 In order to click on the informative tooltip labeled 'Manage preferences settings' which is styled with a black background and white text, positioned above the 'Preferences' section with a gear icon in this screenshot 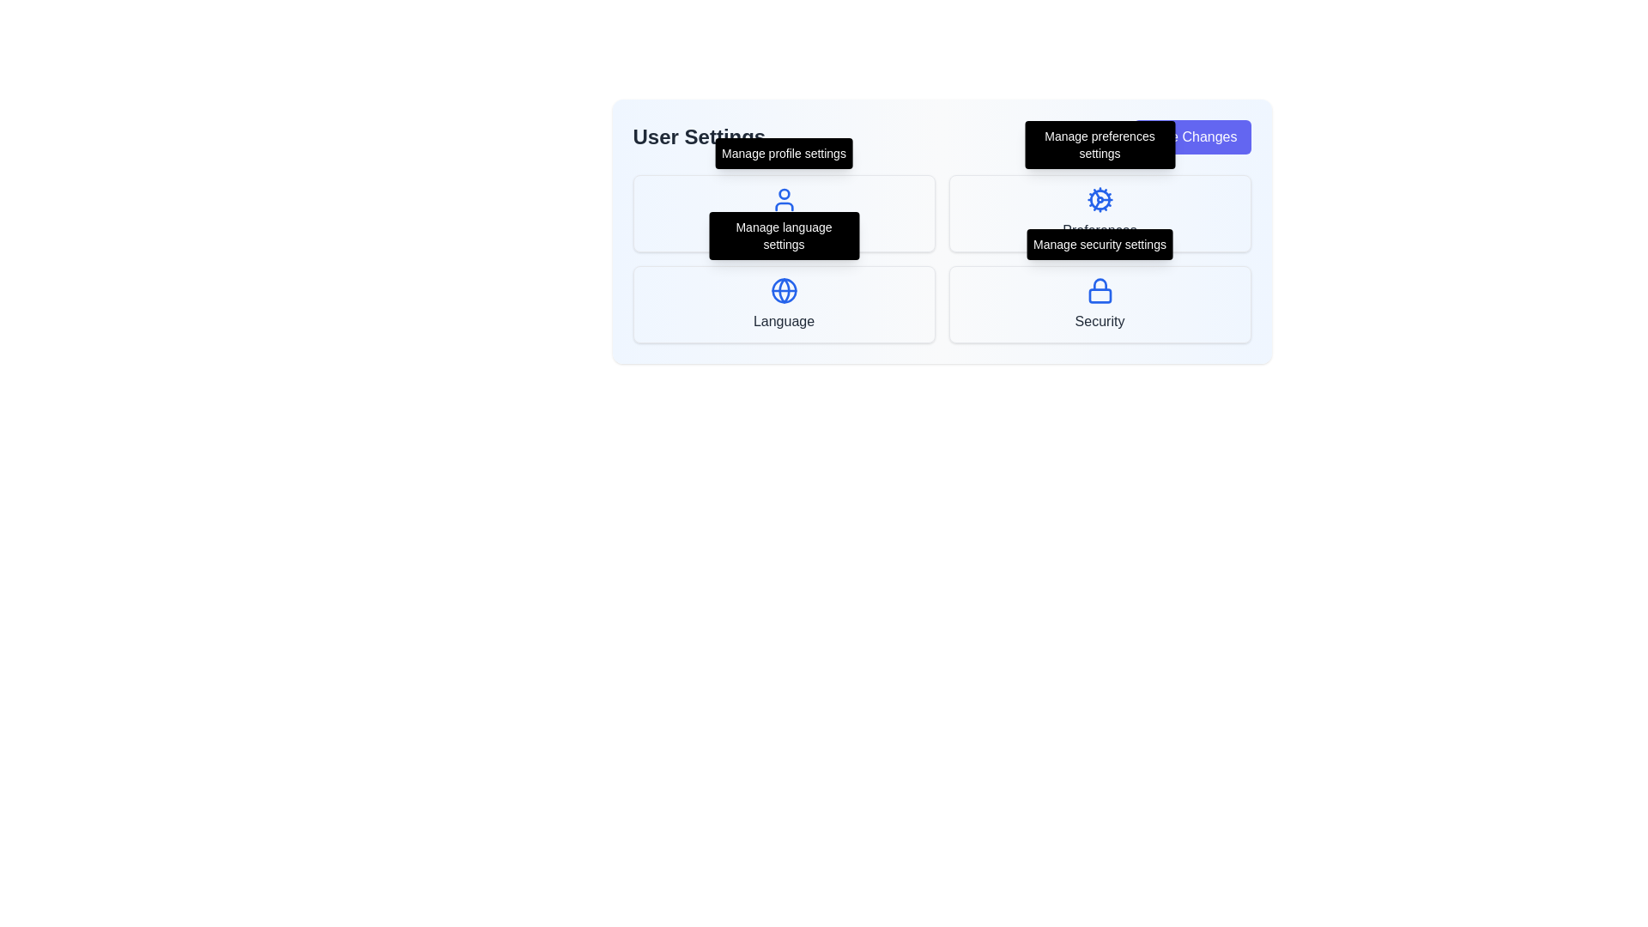, I will do `click(1100, 144)`.